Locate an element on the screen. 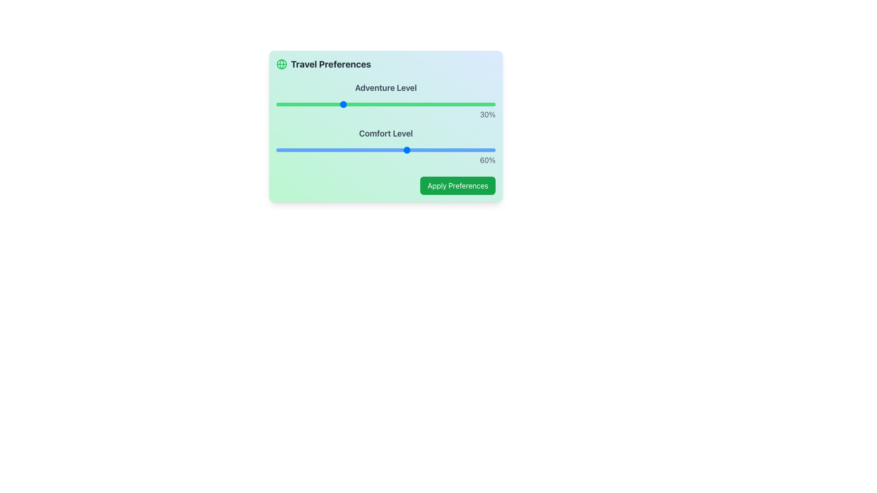 Image resolution: width=877 pixels, height=493 pixels. the comfort level is located at coordinates (401, 149).